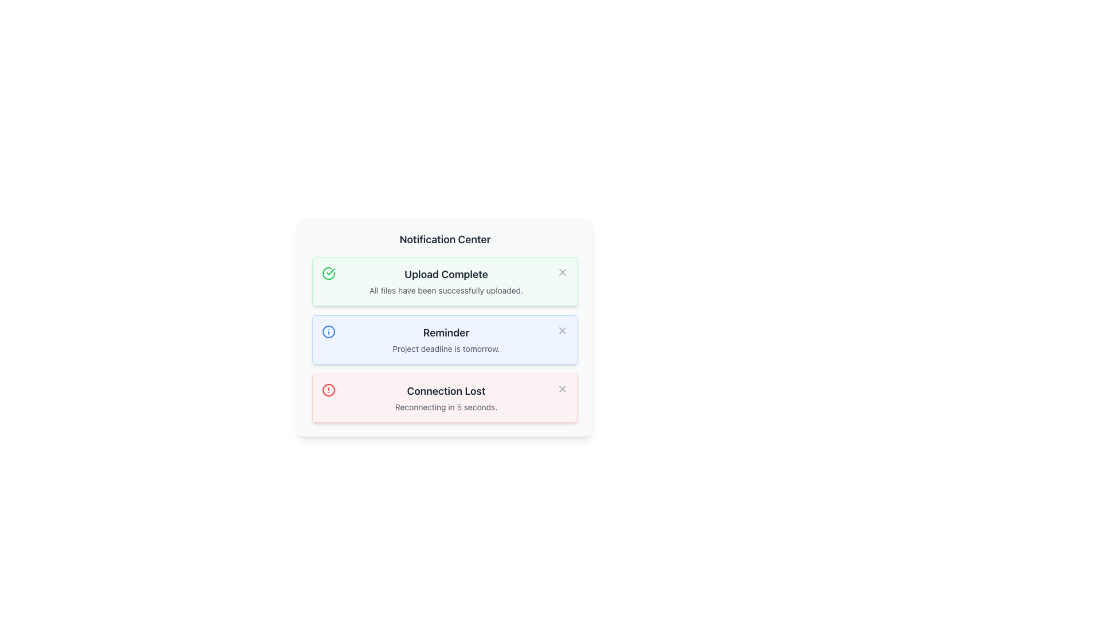 Image resolution: width=1100 pixels, height=618 pixels. Describe the element at coordinates (563, 388) in the screenshot. I see `the close button in the upper-right corner of the 'Connection Lost' notification` at that location.